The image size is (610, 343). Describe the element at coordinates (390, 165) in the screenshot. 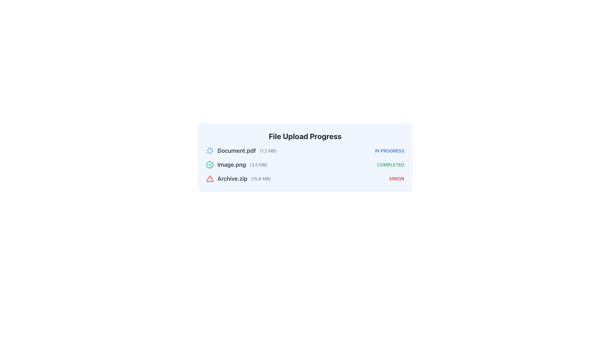

I see `the status indicator label for the uploaded file 'Image.png (3.5 MB)', located in the 'File Upload Progress' section to the far right of the row` at that location.